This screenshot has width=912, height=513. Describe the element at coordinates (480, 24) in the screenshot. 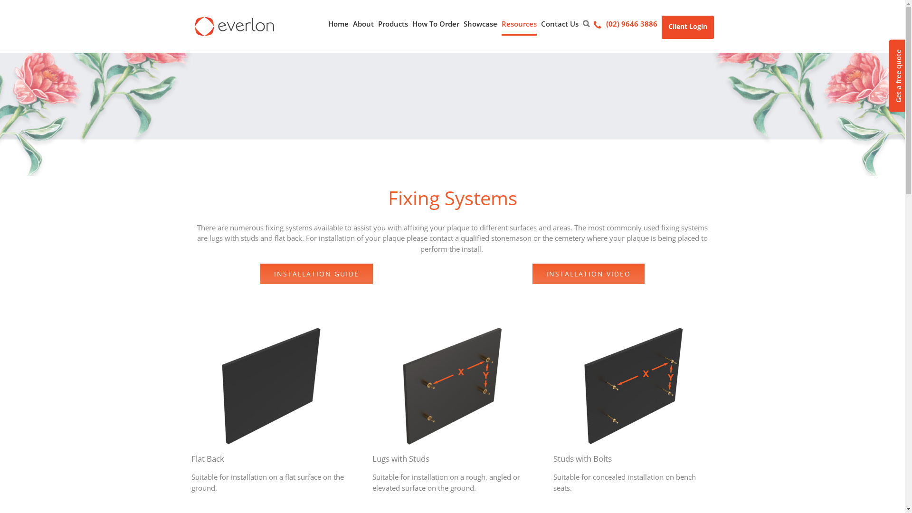

I see `'Showcase'` at that location.